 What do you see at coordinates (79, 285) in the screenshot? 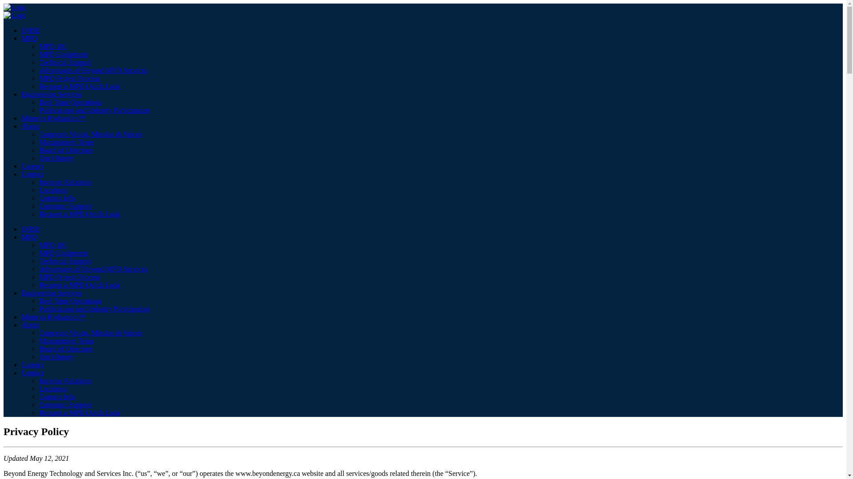
I see `'Request a MPD Quick Look'` at bounding box center [79, 285].